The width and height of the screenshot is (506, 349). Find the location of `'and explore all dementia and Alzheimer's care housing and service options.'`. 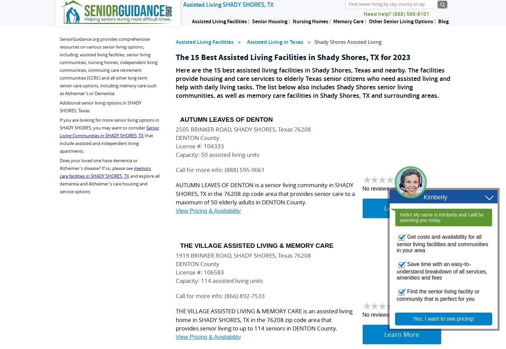

'and explore all dementia and Alzheimer's care housing and service options.' is located at coordinates (109, 183).